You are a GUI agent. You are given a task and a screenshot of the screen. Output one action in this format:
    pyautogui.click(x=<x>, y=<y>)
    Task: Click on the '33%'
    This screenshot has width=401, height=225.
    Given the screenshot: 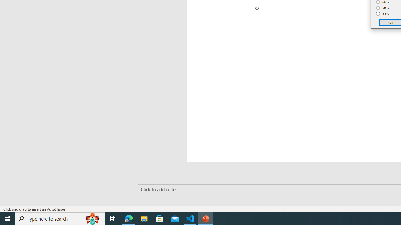 What is the action you would take?
    pyautogui.click(x=382, y=14)
    